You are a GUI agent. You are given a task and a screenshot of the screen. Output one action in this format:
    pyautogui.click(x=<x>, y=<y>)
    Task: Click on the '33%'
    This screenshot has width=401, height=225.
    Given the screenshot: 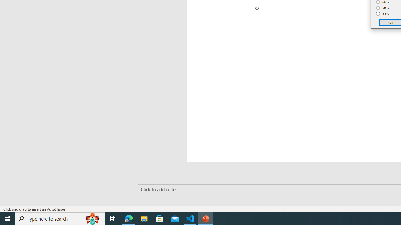 What is the action you would take?
    pyautogui.click(x=382, y=14)
    